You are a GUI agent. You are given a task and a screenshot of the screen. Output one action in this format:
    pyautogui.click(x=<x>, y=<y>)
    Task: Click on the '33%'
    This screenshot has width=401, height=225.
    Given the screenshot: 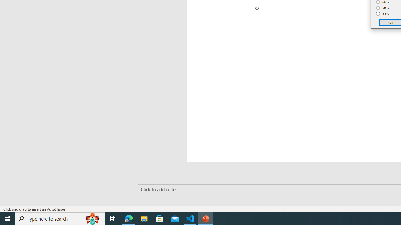 What is the action you would take?
    pyautogui.click(x=382, y=14)
    